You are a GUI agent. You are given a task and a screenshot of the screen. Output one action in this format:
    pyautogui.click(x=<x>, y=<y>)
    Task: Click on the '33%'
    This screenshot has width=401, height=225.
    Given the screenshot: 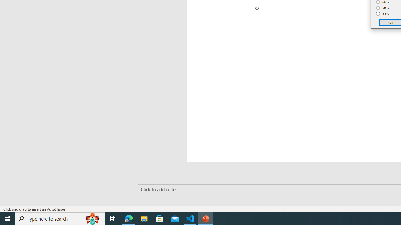 What is the action you would take?
    pyautogui.click(x=382, y=14)
    